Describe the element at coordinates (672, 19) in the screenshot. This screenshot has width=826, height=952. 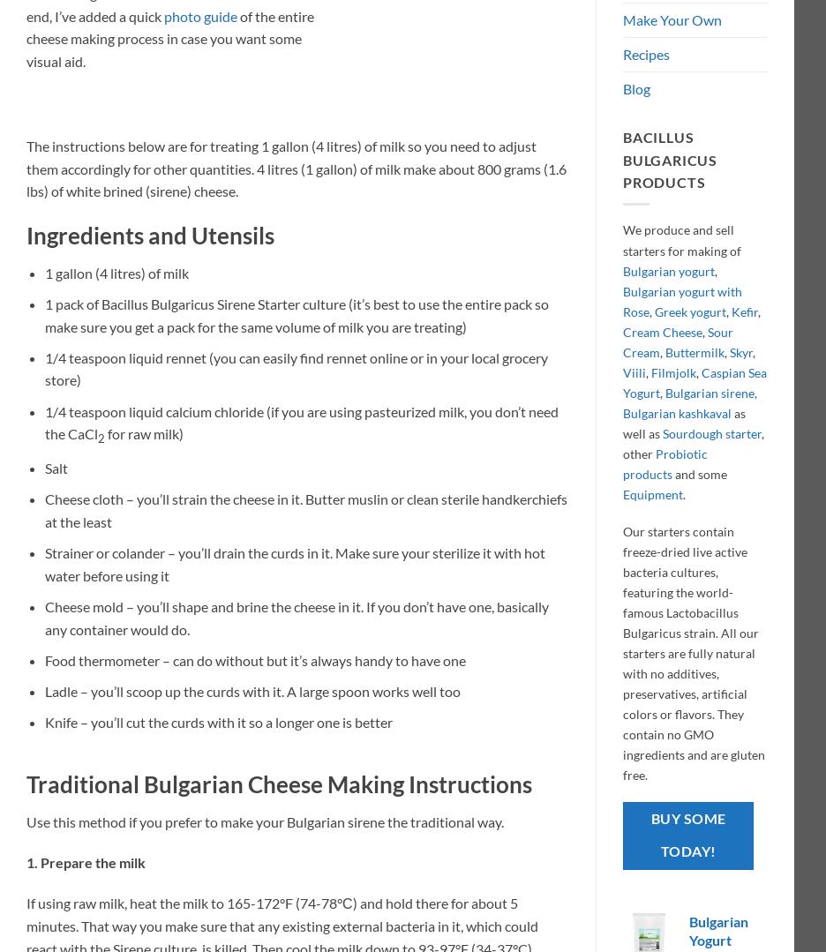
I see `'Make Your Own'` at that location.